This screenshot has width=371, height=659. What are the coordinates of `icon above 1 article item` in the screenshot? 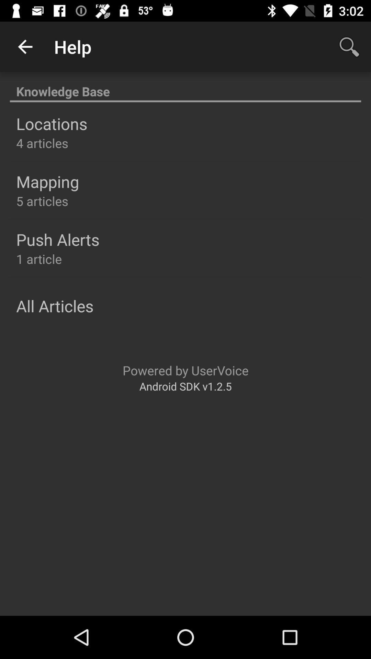 It's located at (57, 239).